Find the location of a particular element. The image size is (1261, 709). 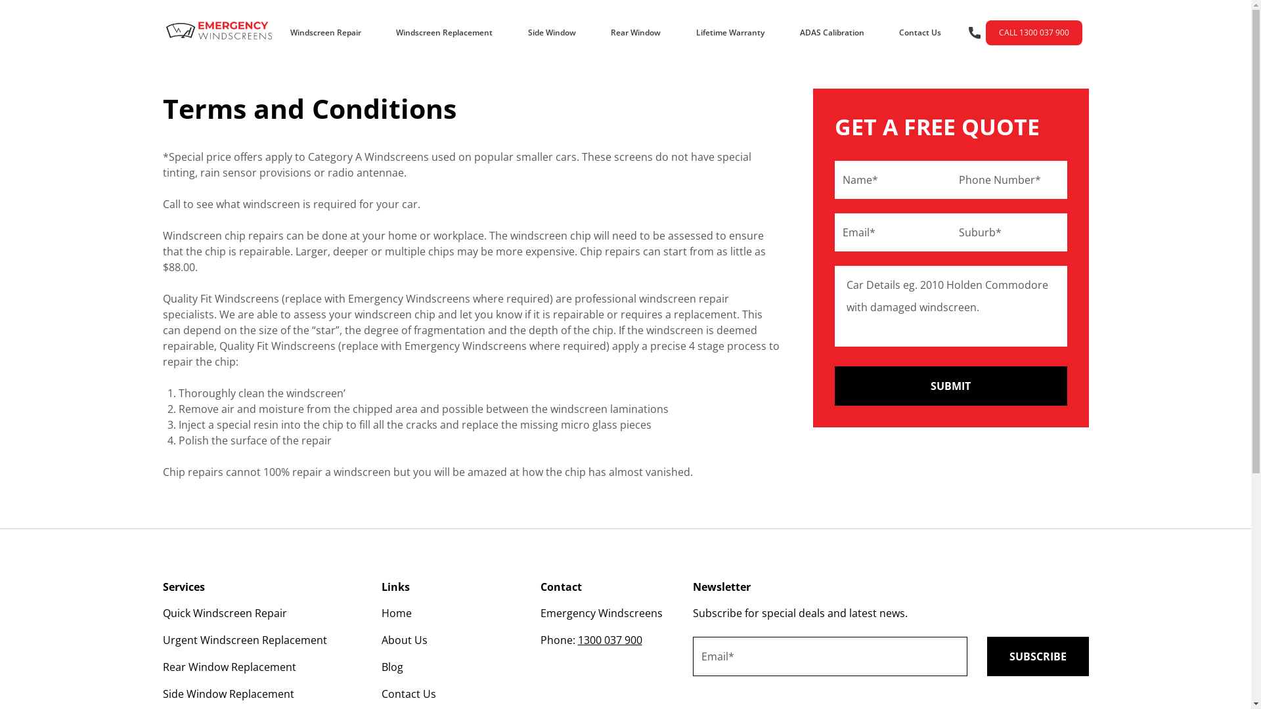

'Windscreen Repair' is located at coordinates (325, 32).